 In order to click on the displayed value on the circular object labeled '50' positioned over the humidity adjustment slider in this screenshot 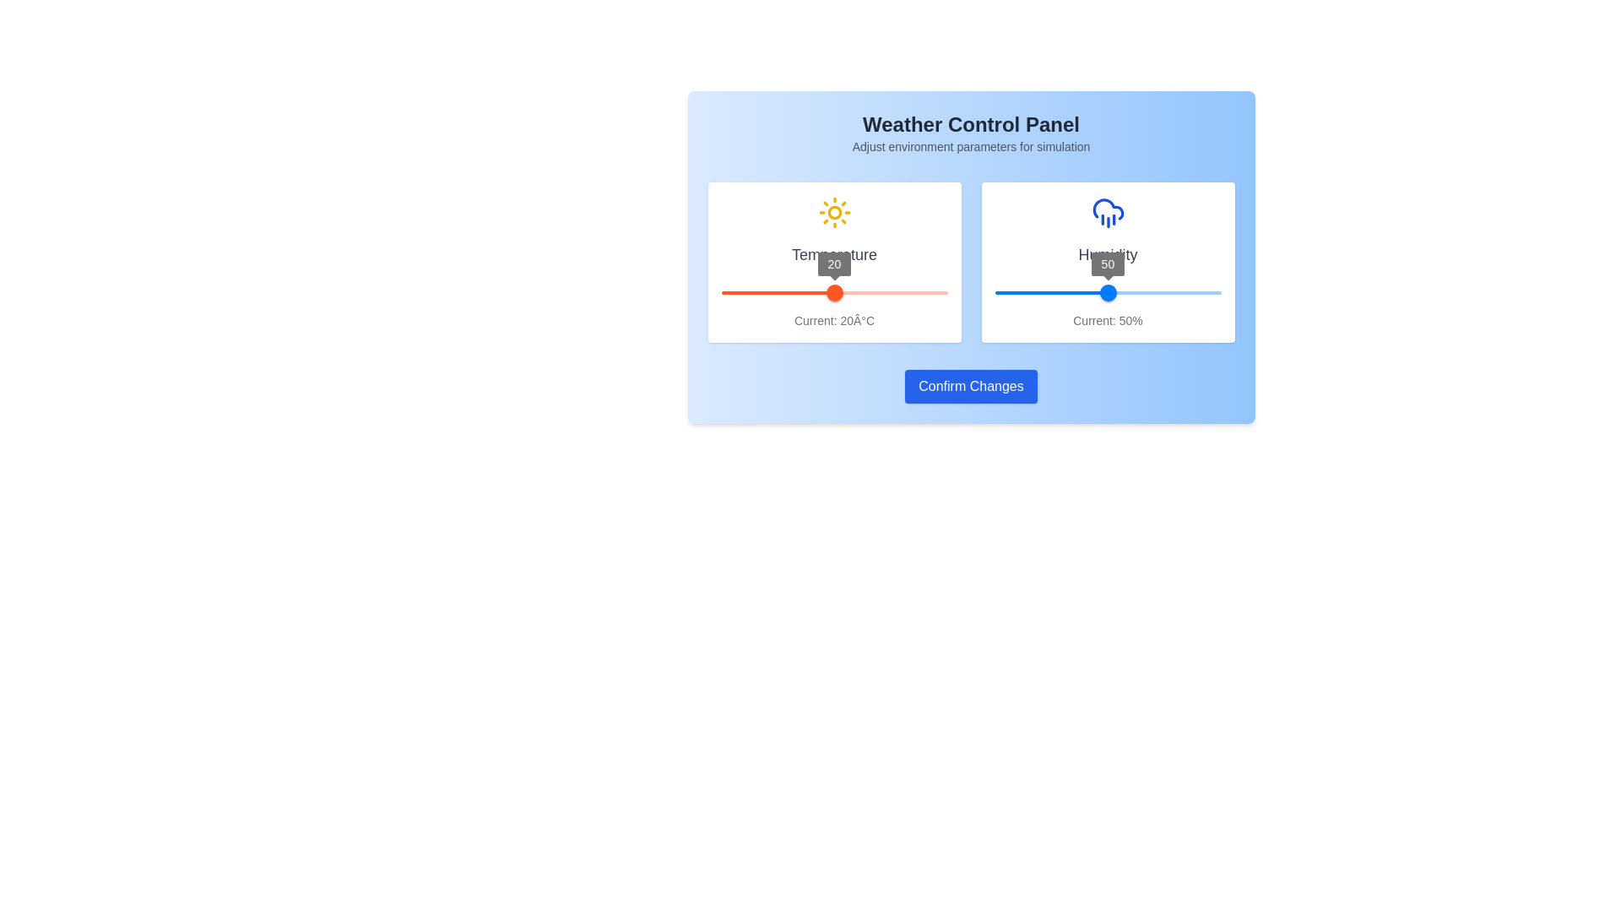, I will do `click(1108, 263)`.